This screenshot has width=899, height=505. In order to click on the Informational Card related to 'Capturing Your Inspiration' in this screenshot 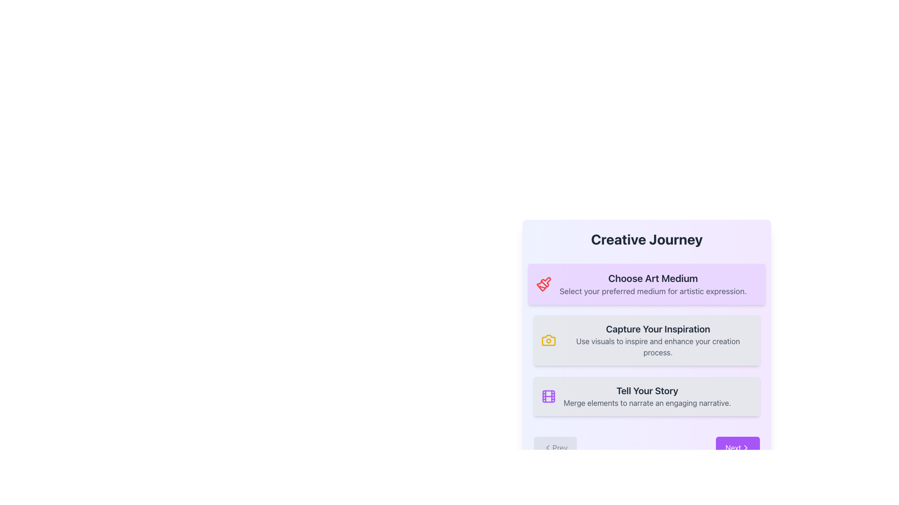, I will do `click(657, 340)`.